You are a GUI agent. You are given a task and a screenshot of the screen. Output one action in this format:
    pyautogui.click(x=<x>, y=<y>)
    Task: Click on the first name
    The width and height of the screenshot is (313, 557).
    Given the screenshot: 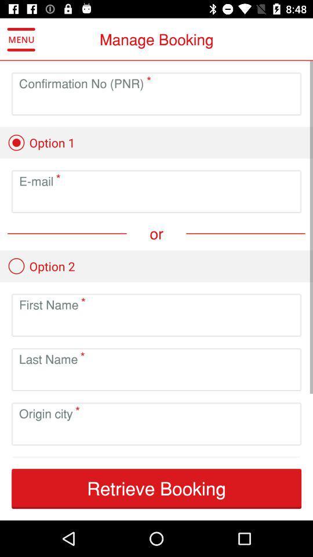 What is the action you would take?
    pyautogui.click(x=156, y=324)
    